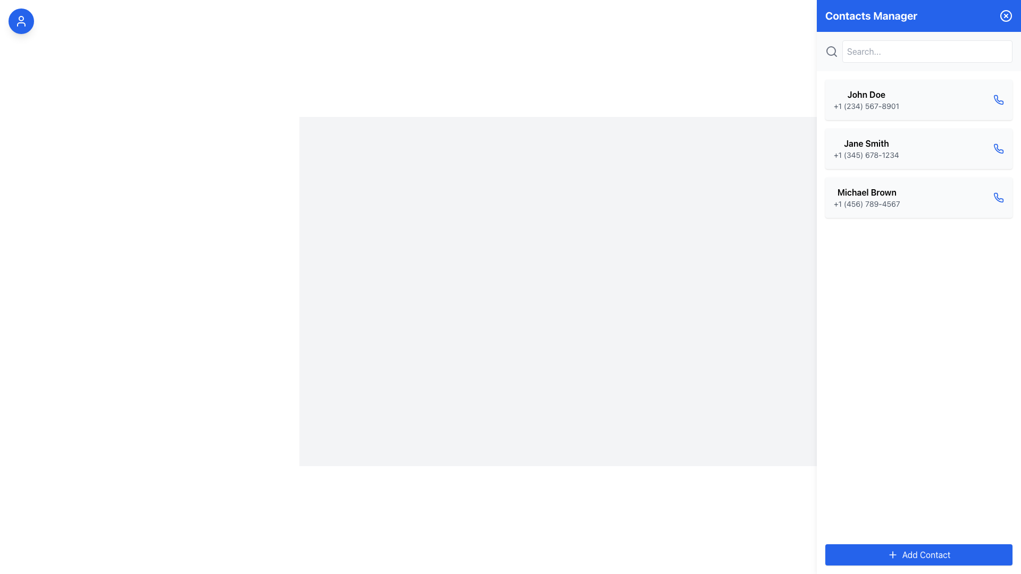  I want to click on the circular close icon with a cross symbol inside, located at the top-right corner of the blue header bar labeled 'Contacts Manager', so click(1005, 16).